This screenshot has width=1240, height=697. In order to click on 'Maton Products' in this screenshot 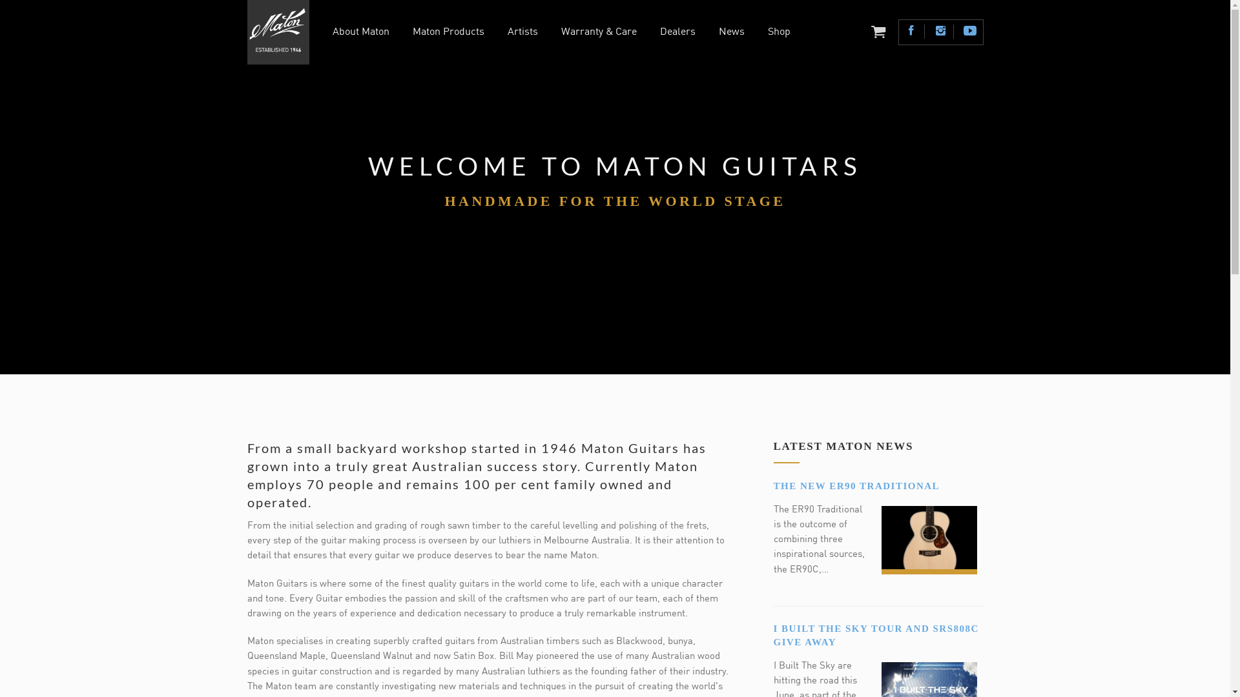, I will do `click(448, 32)`.